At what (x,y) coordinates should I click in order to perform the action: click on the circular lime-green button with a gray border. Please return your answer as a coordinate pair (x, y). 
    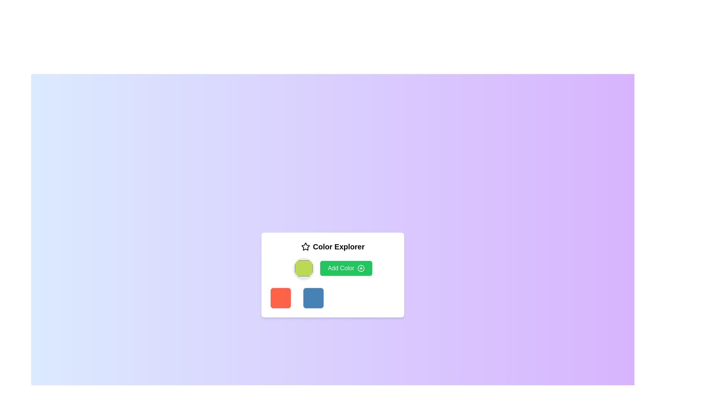
    Looking at the image, I should click on (304, 268).